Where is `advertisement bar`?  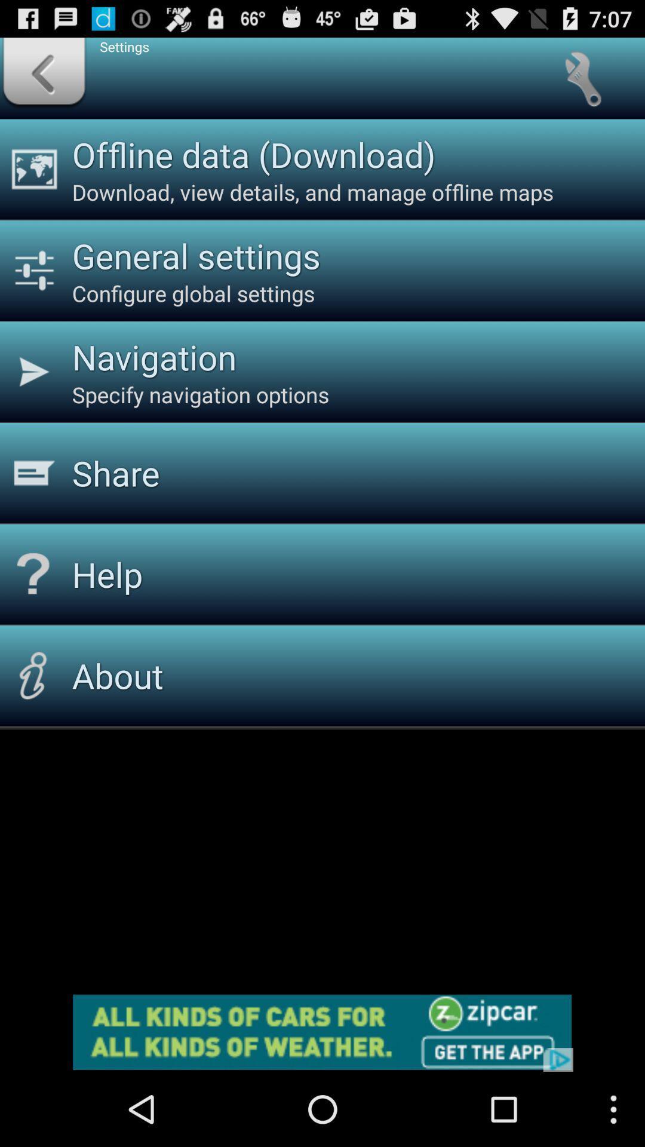
advertisement bar is located at coordinates (322, 1032).